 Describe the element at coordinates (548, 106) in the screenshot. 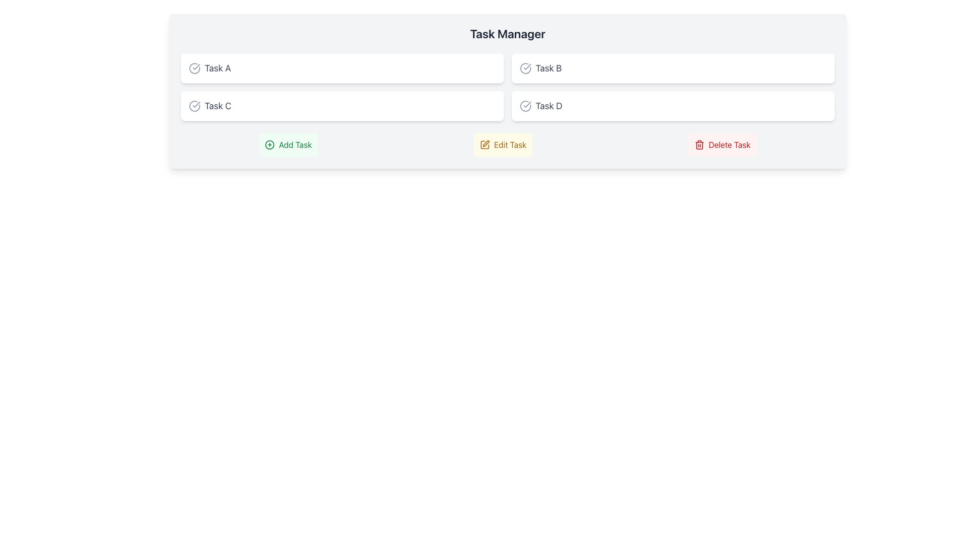

I see `the text label 'Task D' which is styled with a large gray font and is located in the top-right section of the interface, part of a card-like element` at that location.